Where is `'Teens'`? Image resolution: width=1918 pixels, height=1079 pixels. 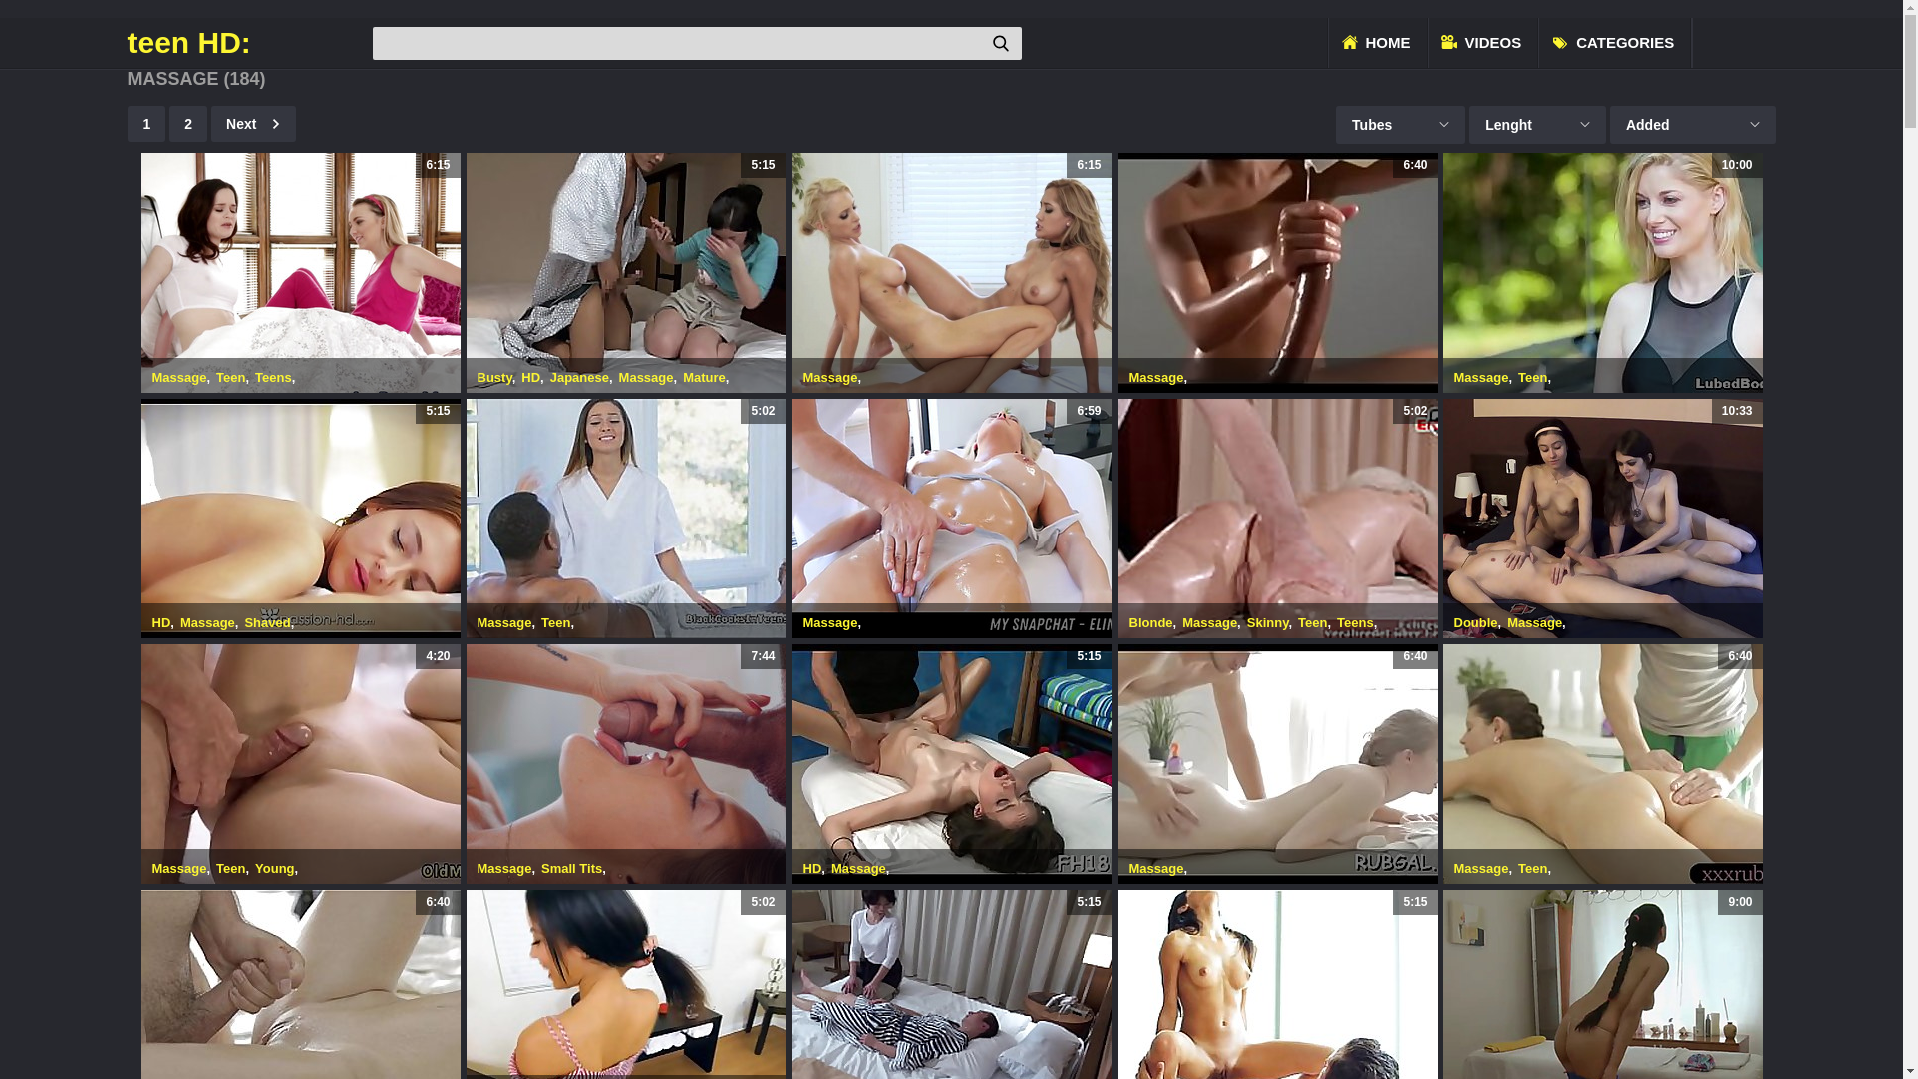 'Teens' is located at coordinates (272, 377).